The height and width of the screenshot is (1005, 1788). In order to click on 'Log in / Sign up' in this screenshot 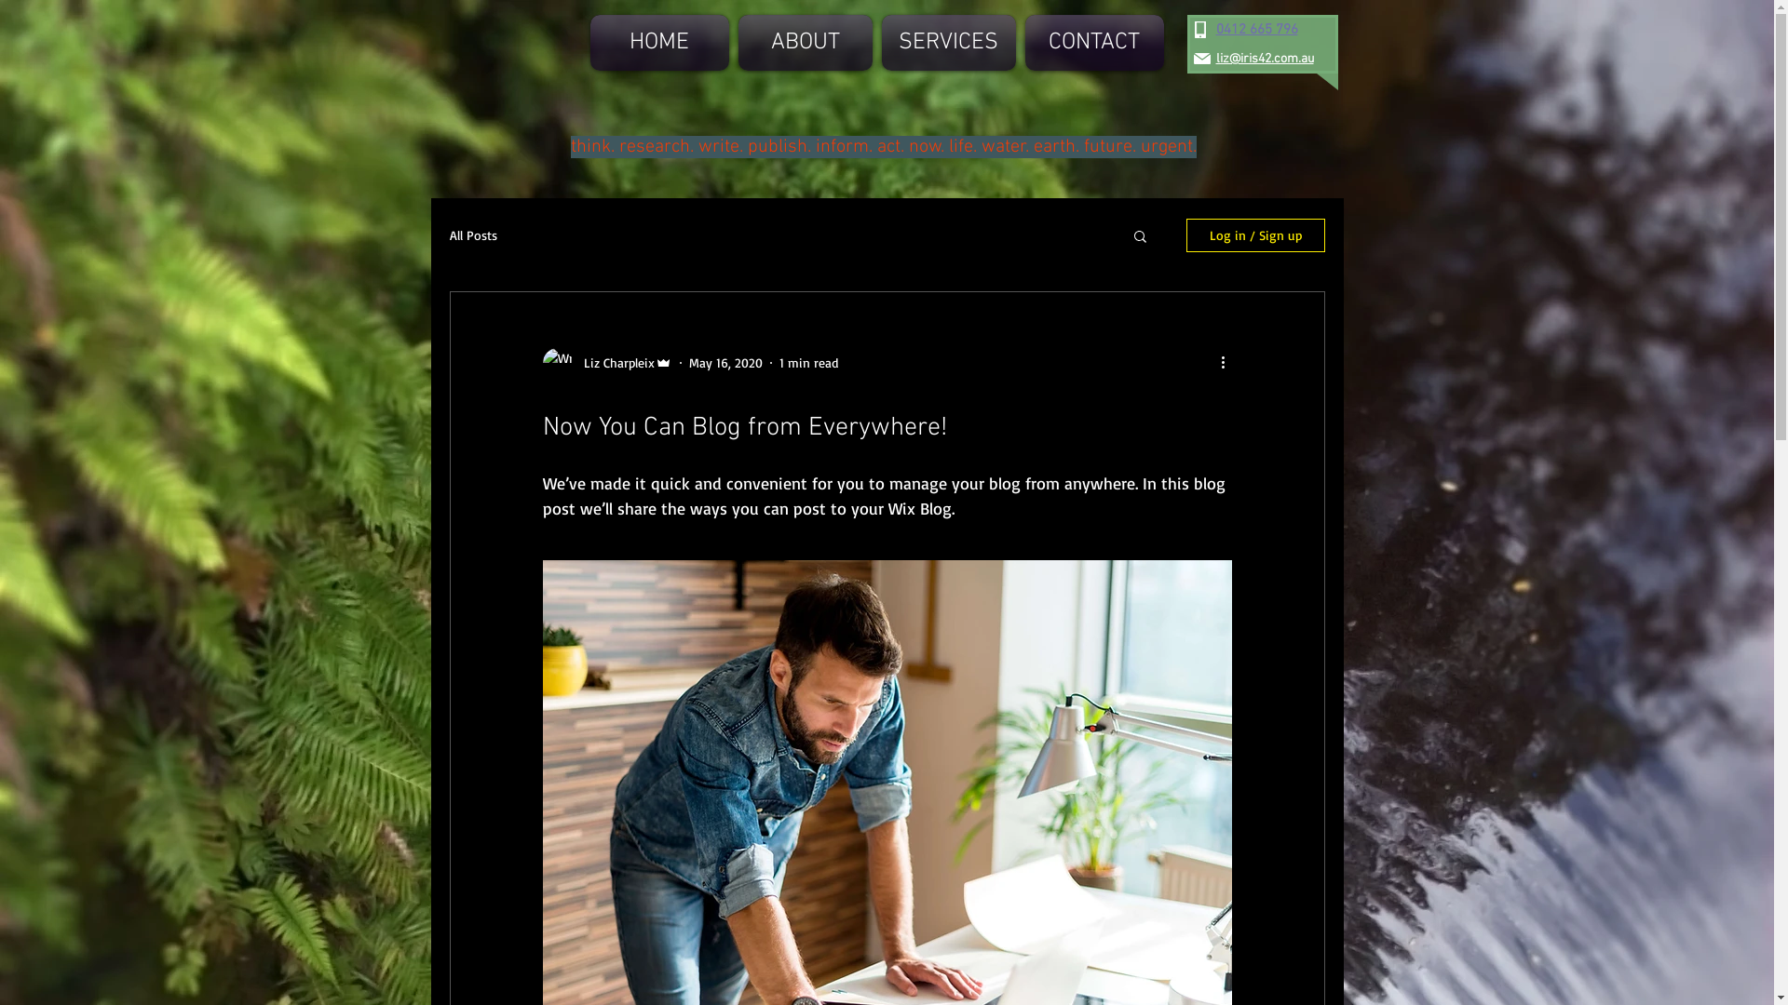, I will do `click(1185, 234)`.